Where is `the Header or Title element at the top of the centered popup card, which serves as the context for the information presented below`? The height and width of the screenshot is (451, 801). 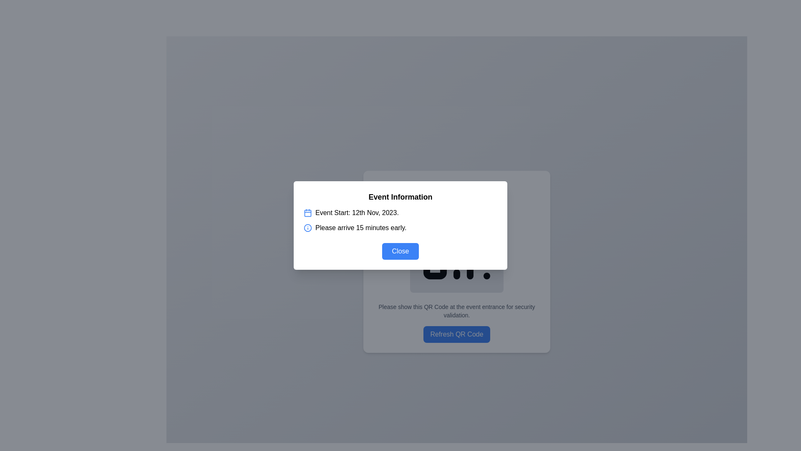 the Header or Title element at the top of the centered popup card, which serves as the context for the information presented below is located at coordinates (400, 197).